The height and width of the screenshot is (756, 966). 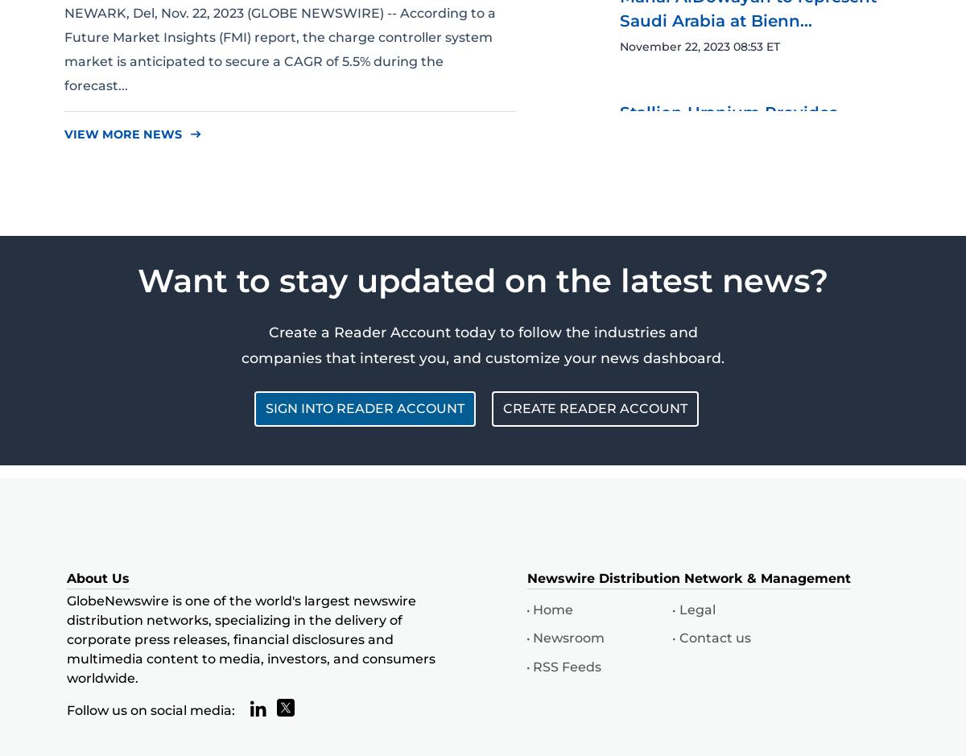 I want to click on 'SIGN INTO READER ACCOUNT', so click(x=364, y=407).